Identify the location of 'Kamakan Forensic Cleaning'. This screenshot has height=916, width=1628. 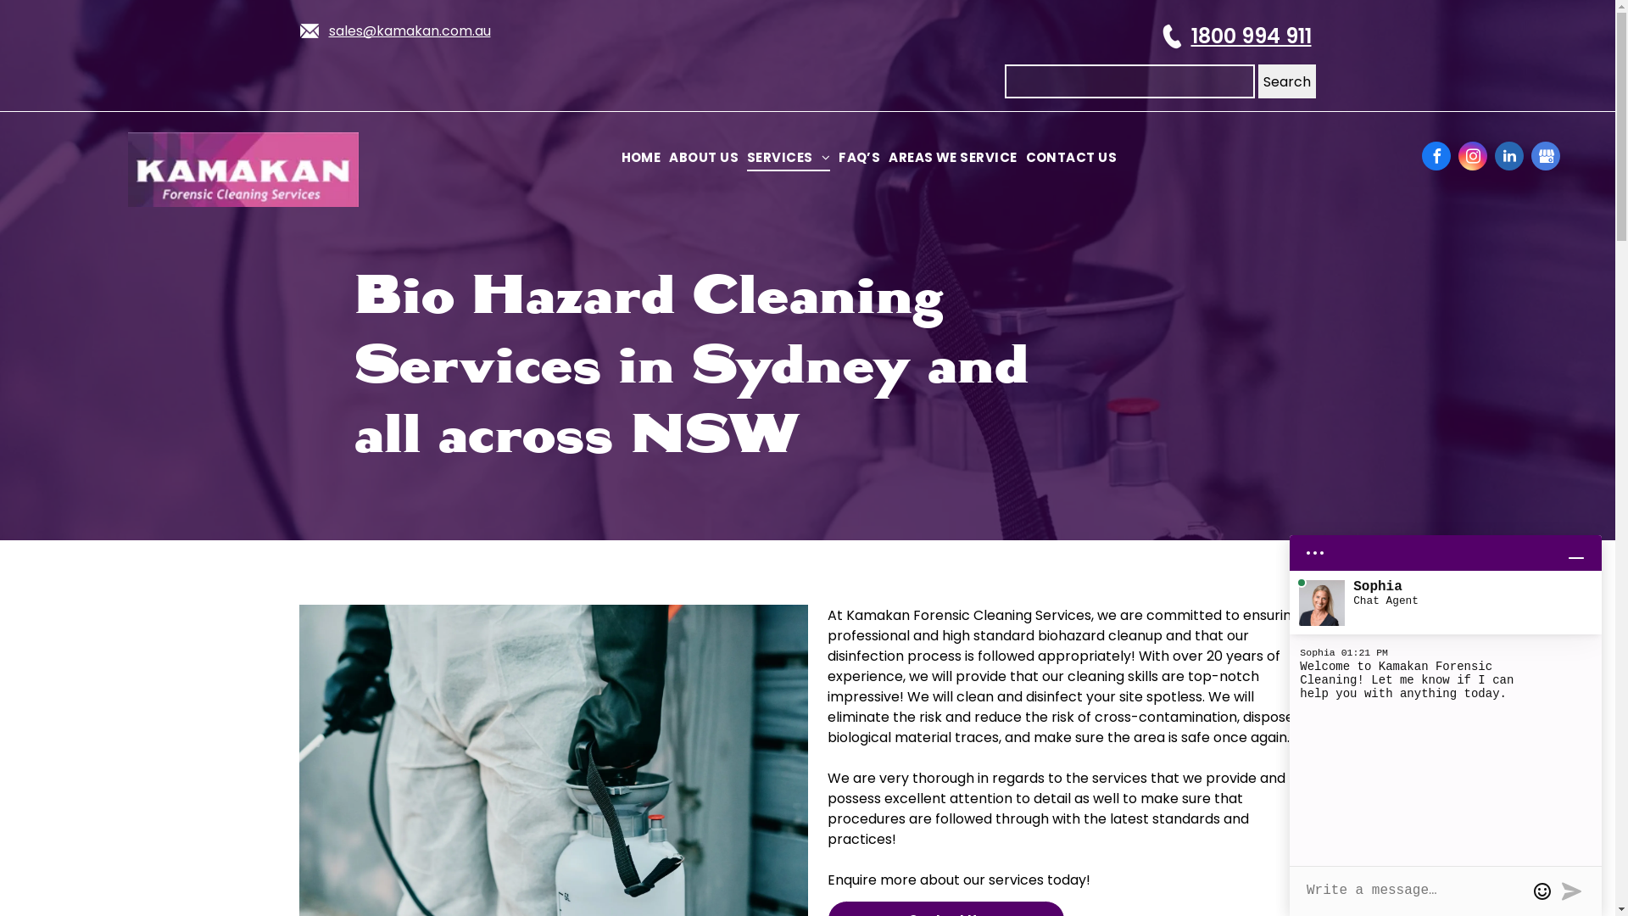
(243, 170).